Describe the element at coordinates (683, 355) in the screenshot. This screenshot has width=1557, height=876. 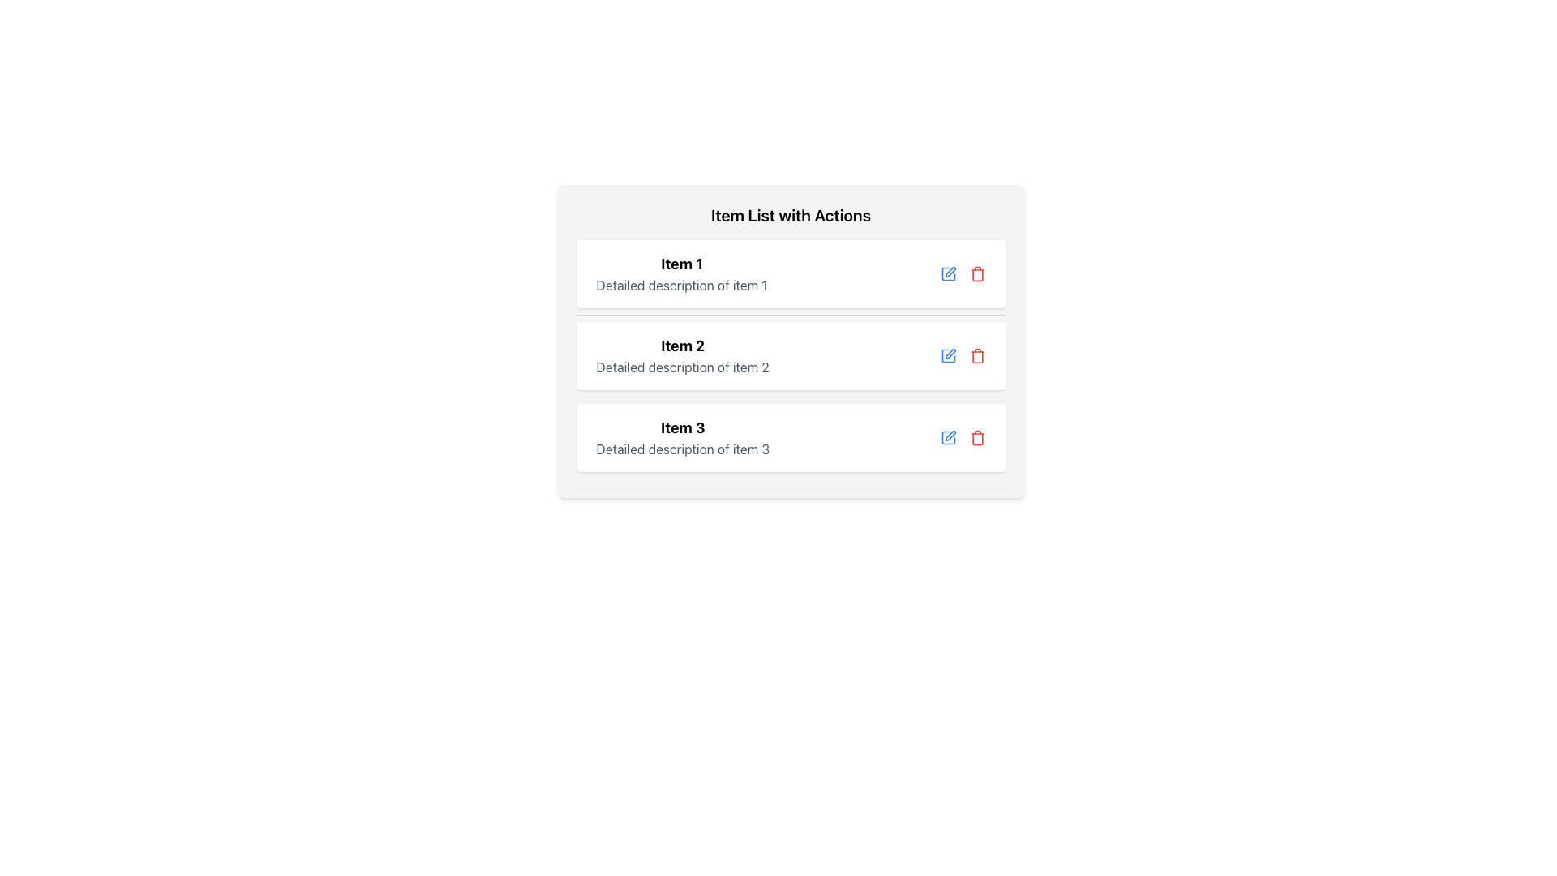
I see `the Text Description Block for 'Item 2', which provides information about the item and is centrally located within the second item entry card under 'Item List with Actions'` at that location.